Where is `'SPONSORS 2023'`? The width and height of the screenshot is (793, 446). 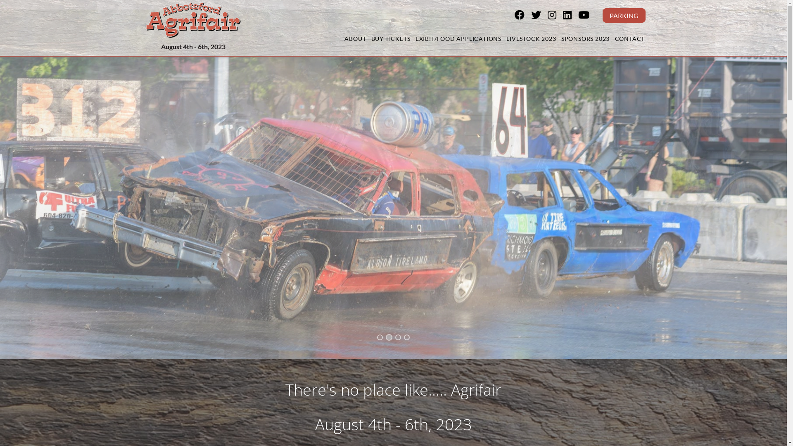
'SPONSORS 2023' is located at coordinates (584, 39).